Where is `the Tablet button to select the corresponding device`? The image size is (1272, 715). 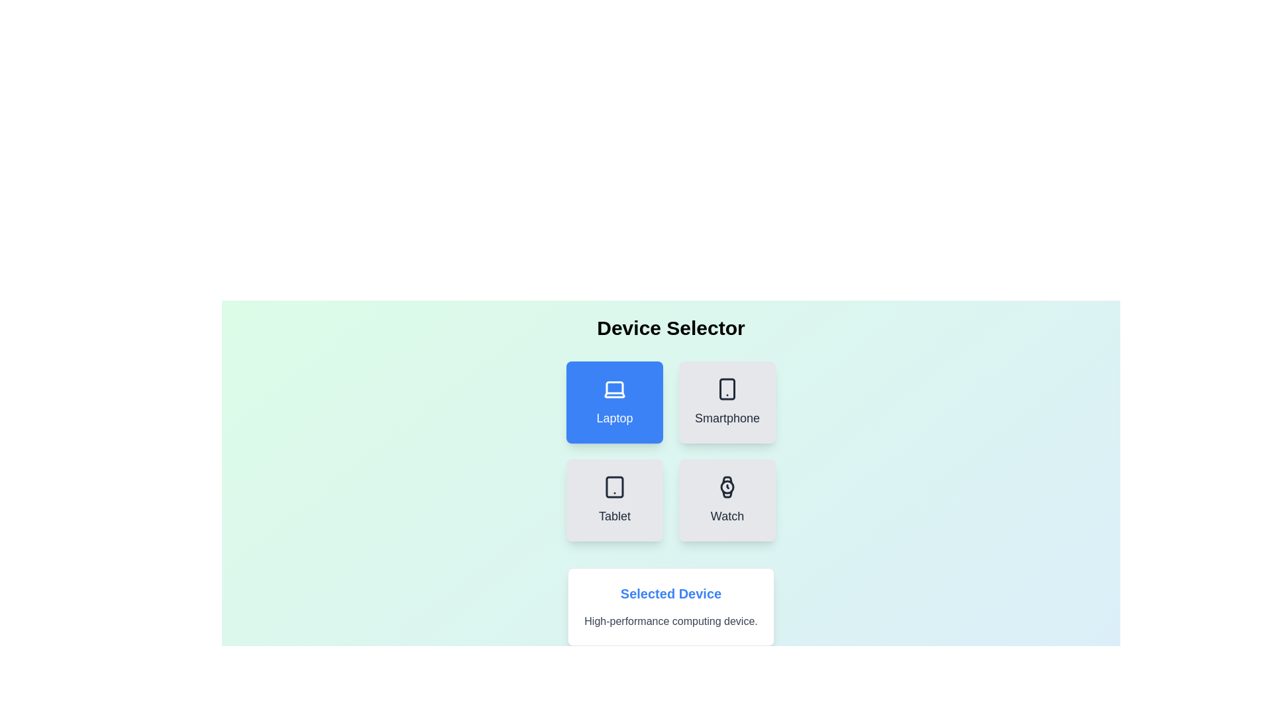
the Tablet button to select the corresponding device is located at coordinates (613, 501).